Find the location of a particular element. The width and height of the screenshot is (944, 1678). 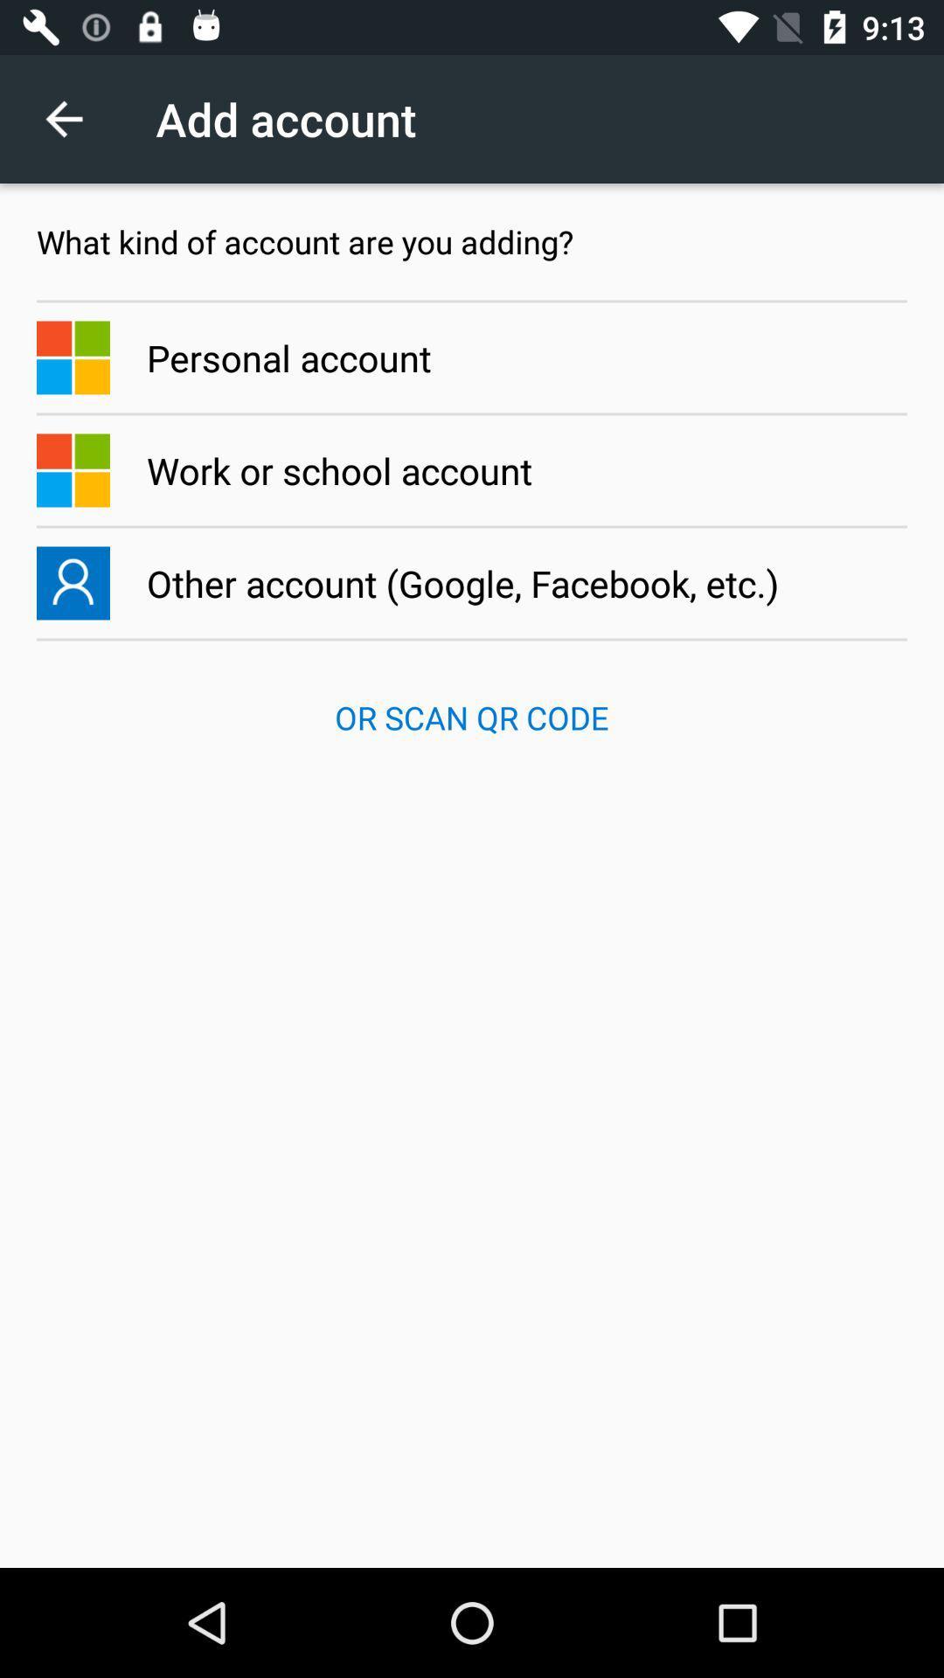

the item above the what kind of app is located at coordinates (73, 118).